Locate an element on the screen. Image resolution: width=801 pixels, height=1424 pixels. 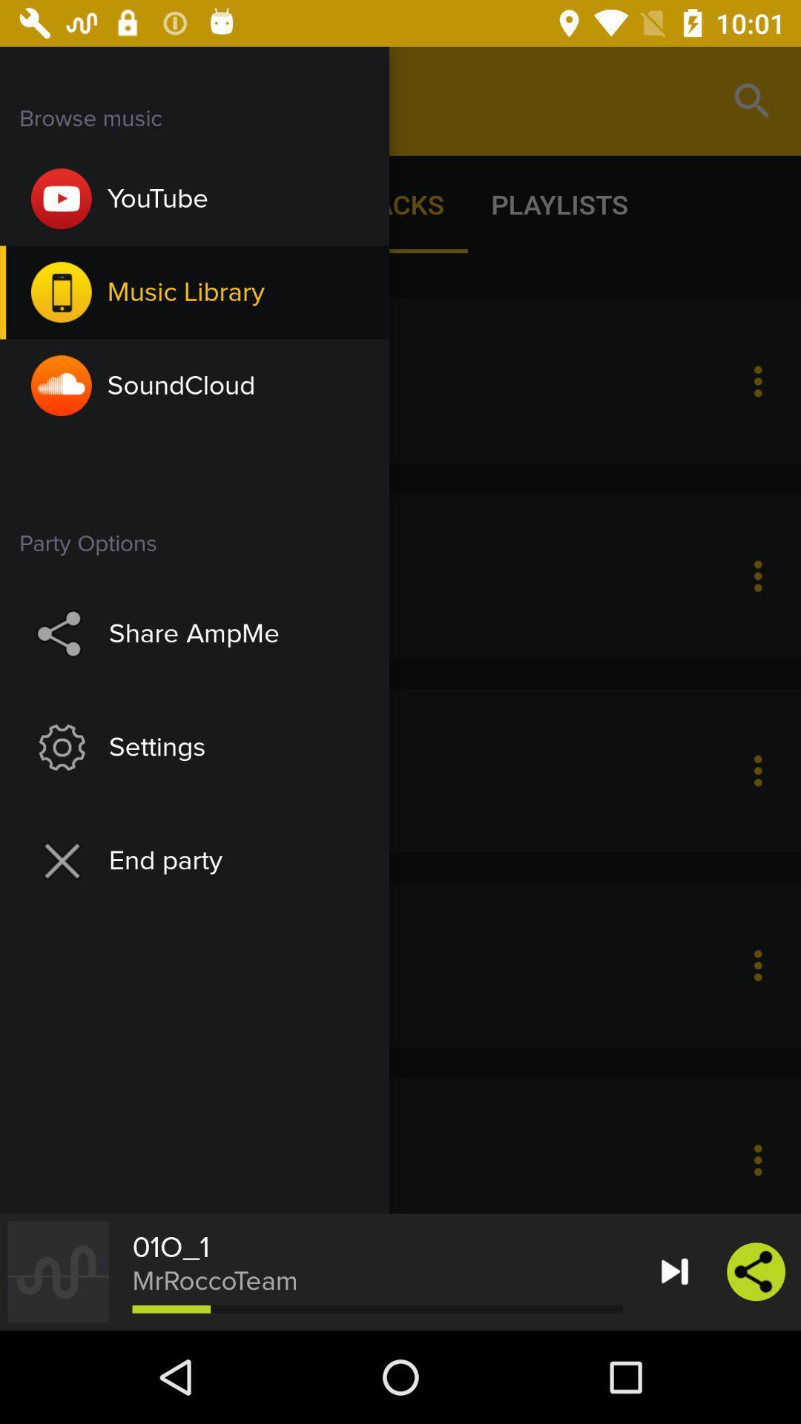
the skip_next icon is located at coordinates (675, 1270).